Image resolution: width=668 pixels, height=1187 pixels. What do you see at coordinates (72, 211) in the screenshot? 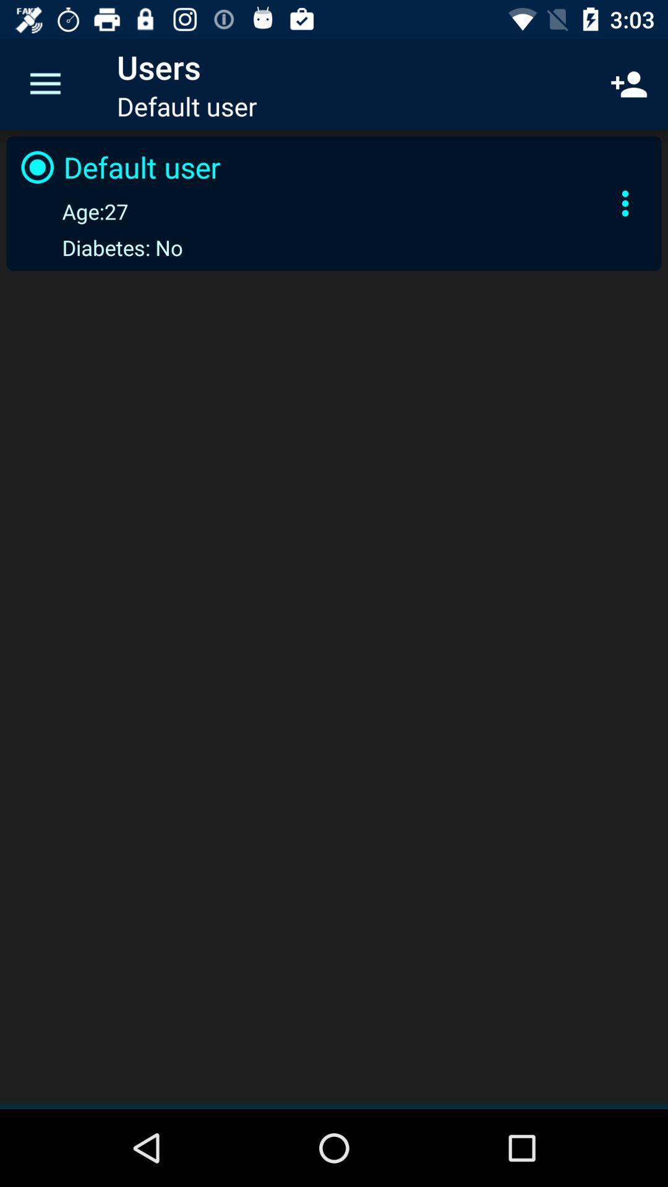
I see `the age:27` at bounding box center [72, 211].